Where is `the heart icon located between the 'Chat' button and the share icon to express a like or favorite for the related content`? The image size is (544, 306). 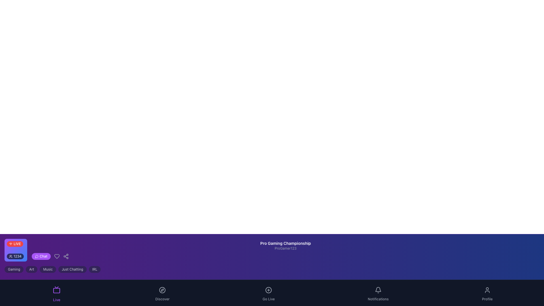 the heart icon located between the 'Chat' button and the share icon to express a like or favorite for the related content is located at coordinates (57, 256).